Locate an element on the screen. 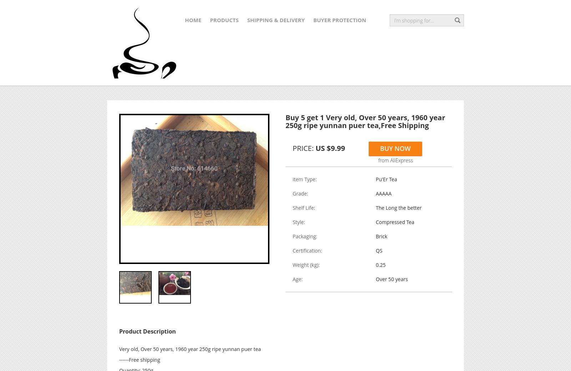 The image size is (571, 371). 'Buy 5 get 1 Very old, Over 50 years, 1960 year 250g ripe yunnan puer tea,Free Shipping' is located at coordinates (365, 121).